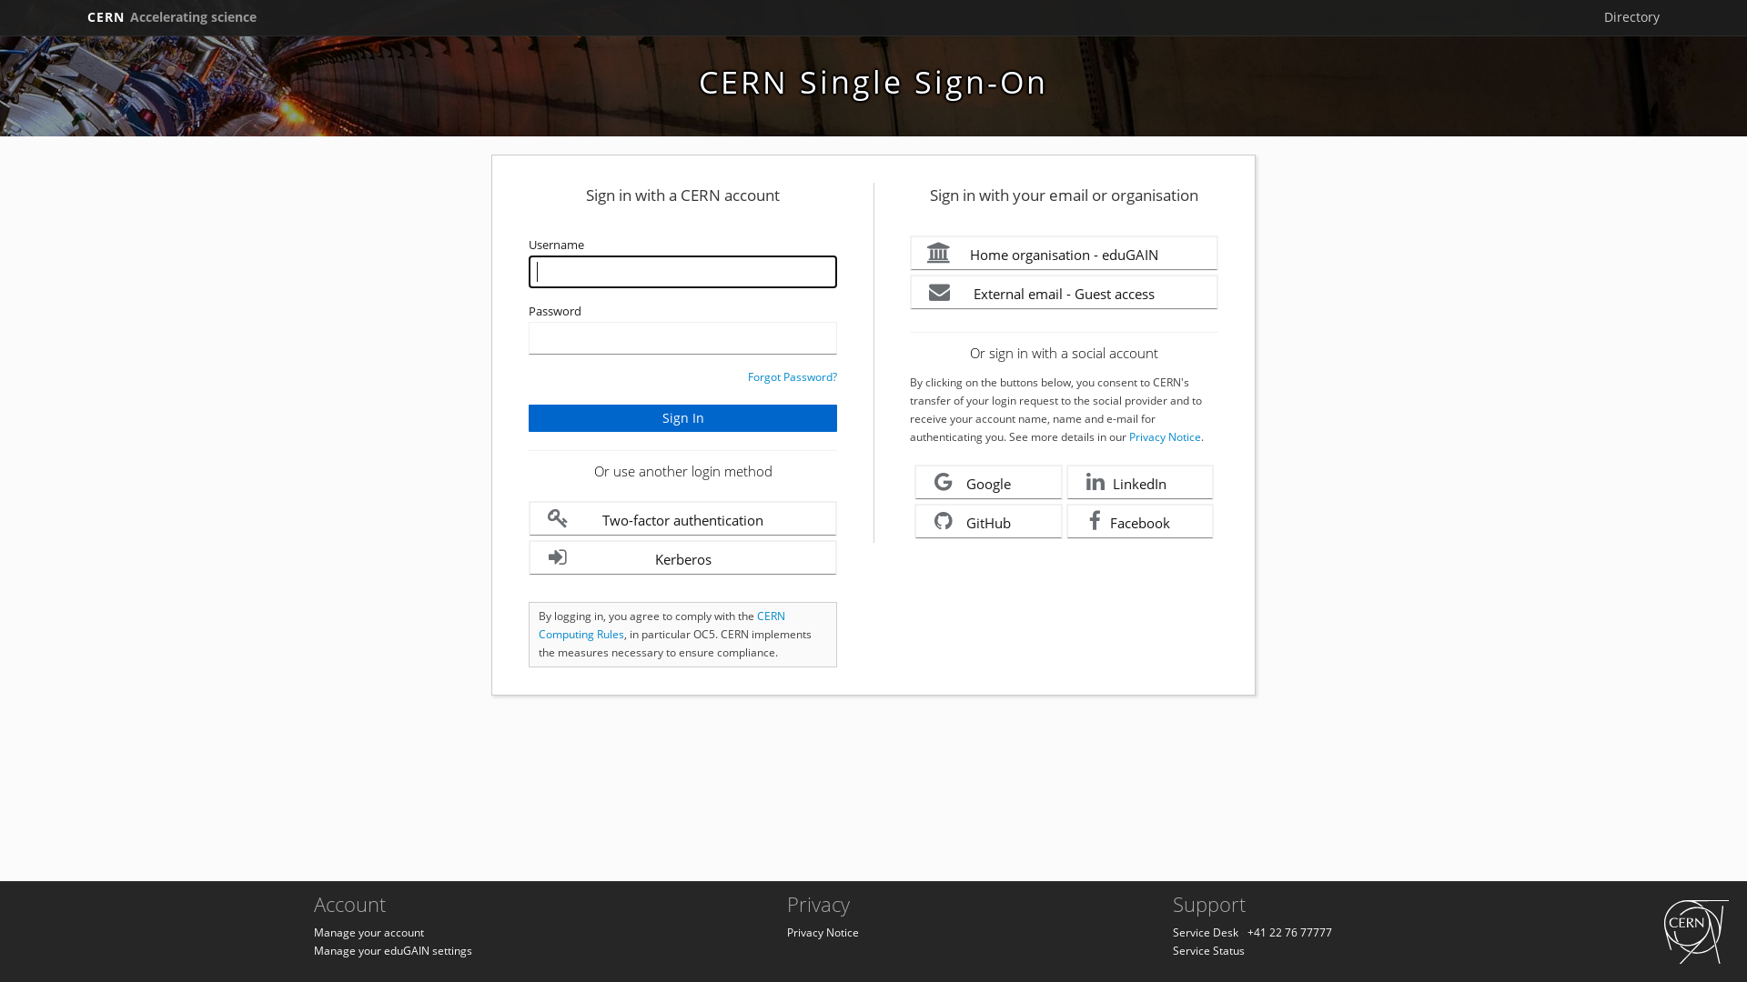 Image resolution: width=1747 pixels, height=982 pixels. Describe the element at coordinates (682, 556) in the screenshot. I see `'Kerberos'` at that location.